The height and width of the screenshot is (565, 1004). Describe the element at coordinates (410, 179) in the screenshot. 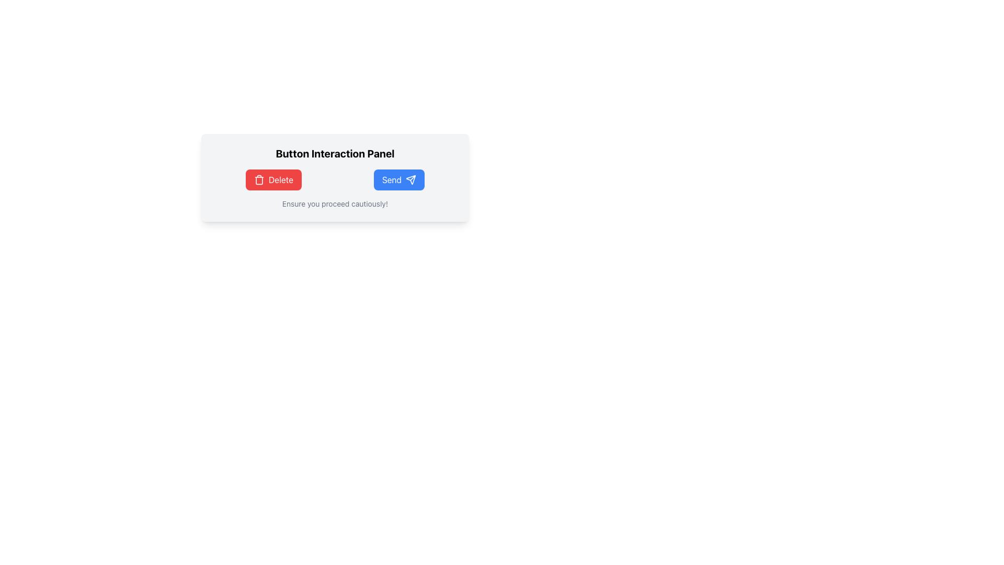

I see `the 'Send' button icon, which is visually associated with sending actions and located on the right side of the 'Send' button in the Button Interaction Panel` at that location.